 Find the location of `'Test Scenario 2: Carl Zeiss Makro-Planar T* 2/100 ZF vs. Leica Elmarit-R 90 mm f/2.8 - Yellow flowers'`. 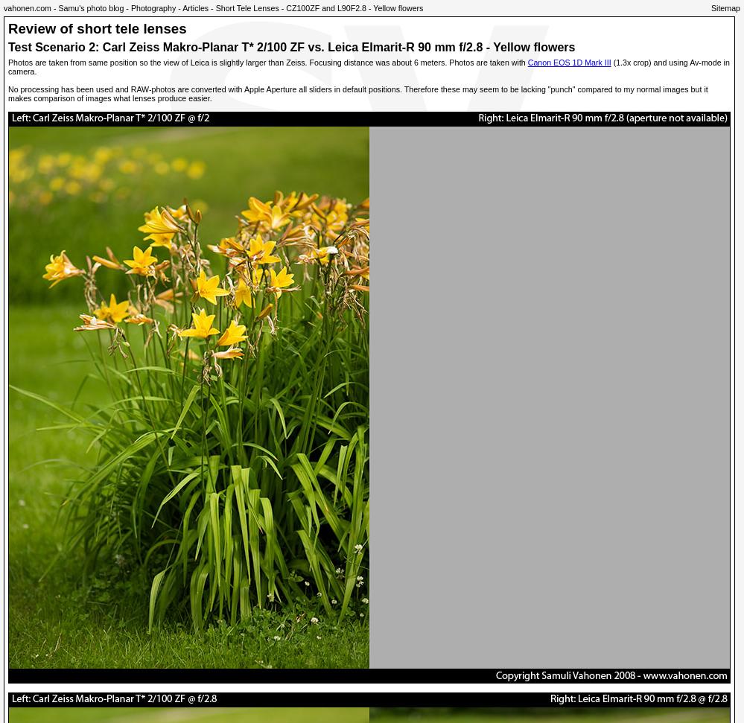

'Test Scenario 2: Carl Zeiss Makro-Planar T* 2/100 ZF vs. Leica Elmarit-R 90 mm f/2.8 - Yellow flowers' is located at coordinates (290, 46).